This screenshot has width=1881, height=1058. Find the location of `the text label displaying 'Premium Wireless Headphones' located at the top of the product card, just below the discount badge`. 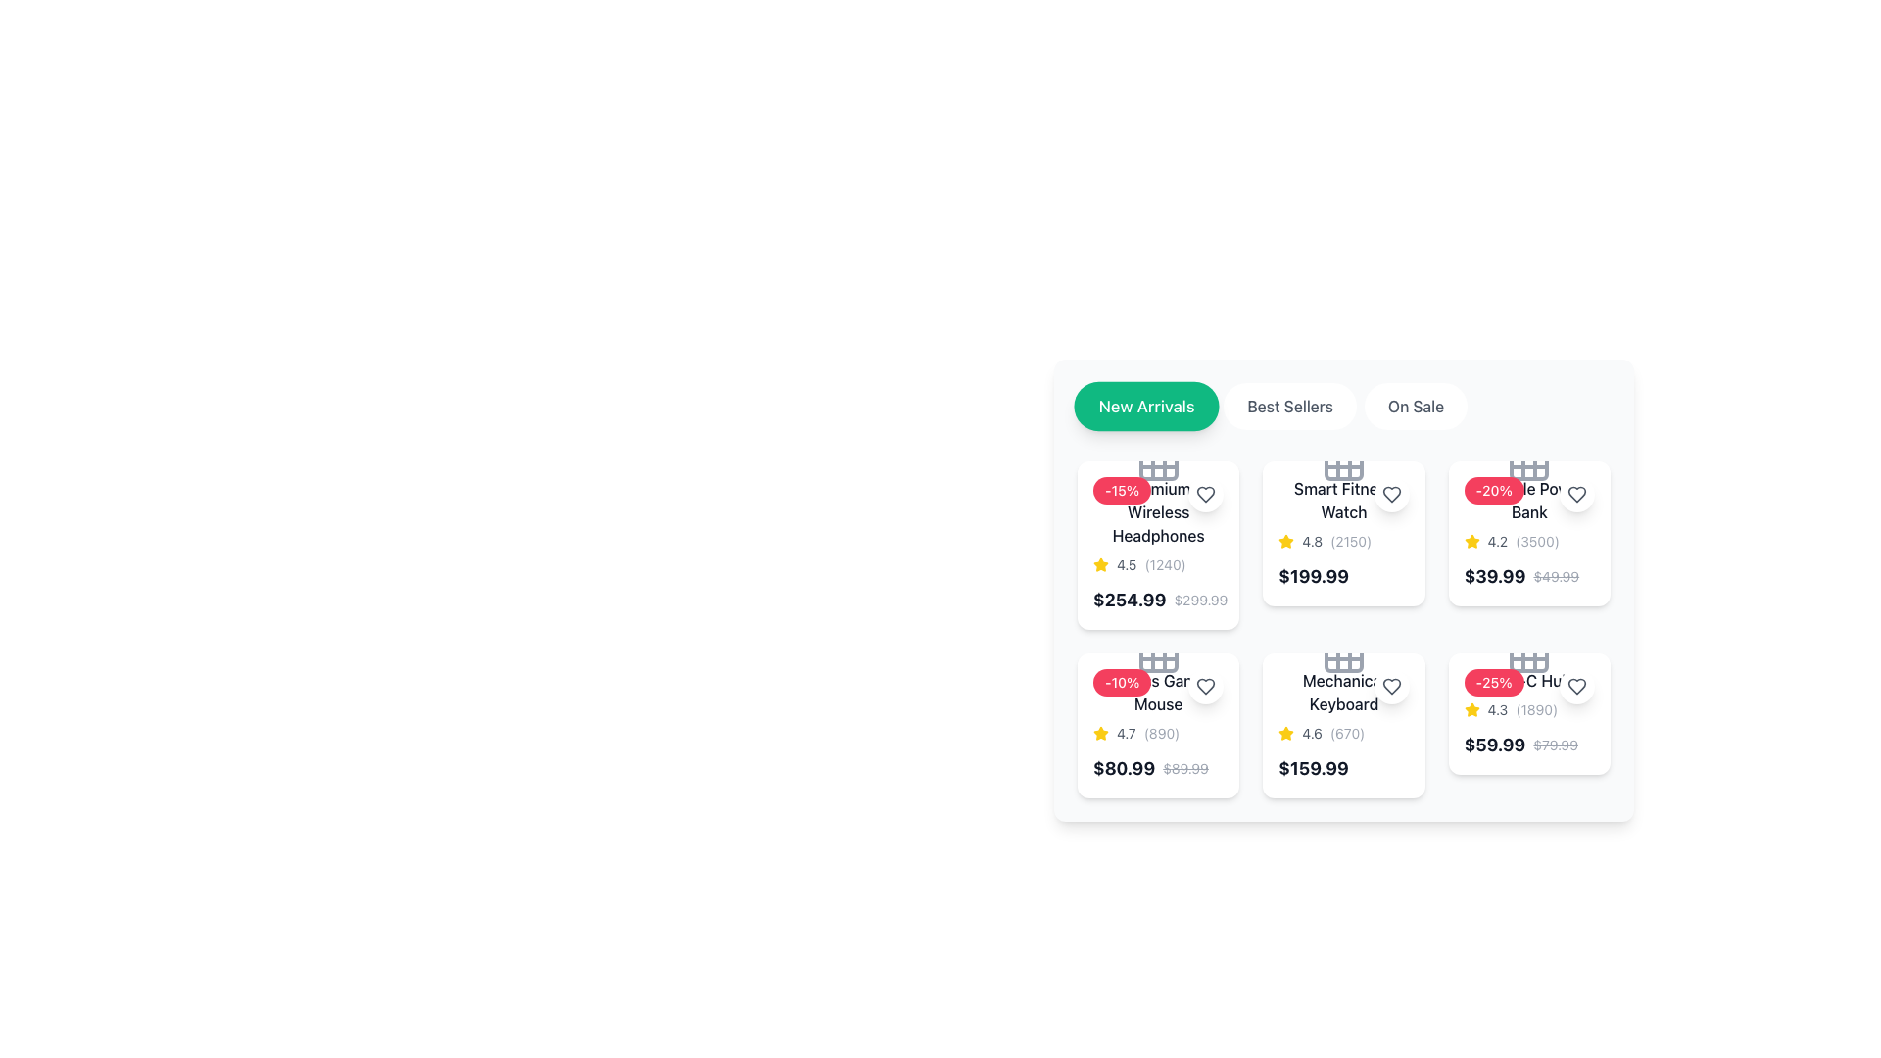

the text label displaying 'Premium Wireless Headphones' located at the top of the product card, just below the discount badge is located at coordinates (1158, 511).